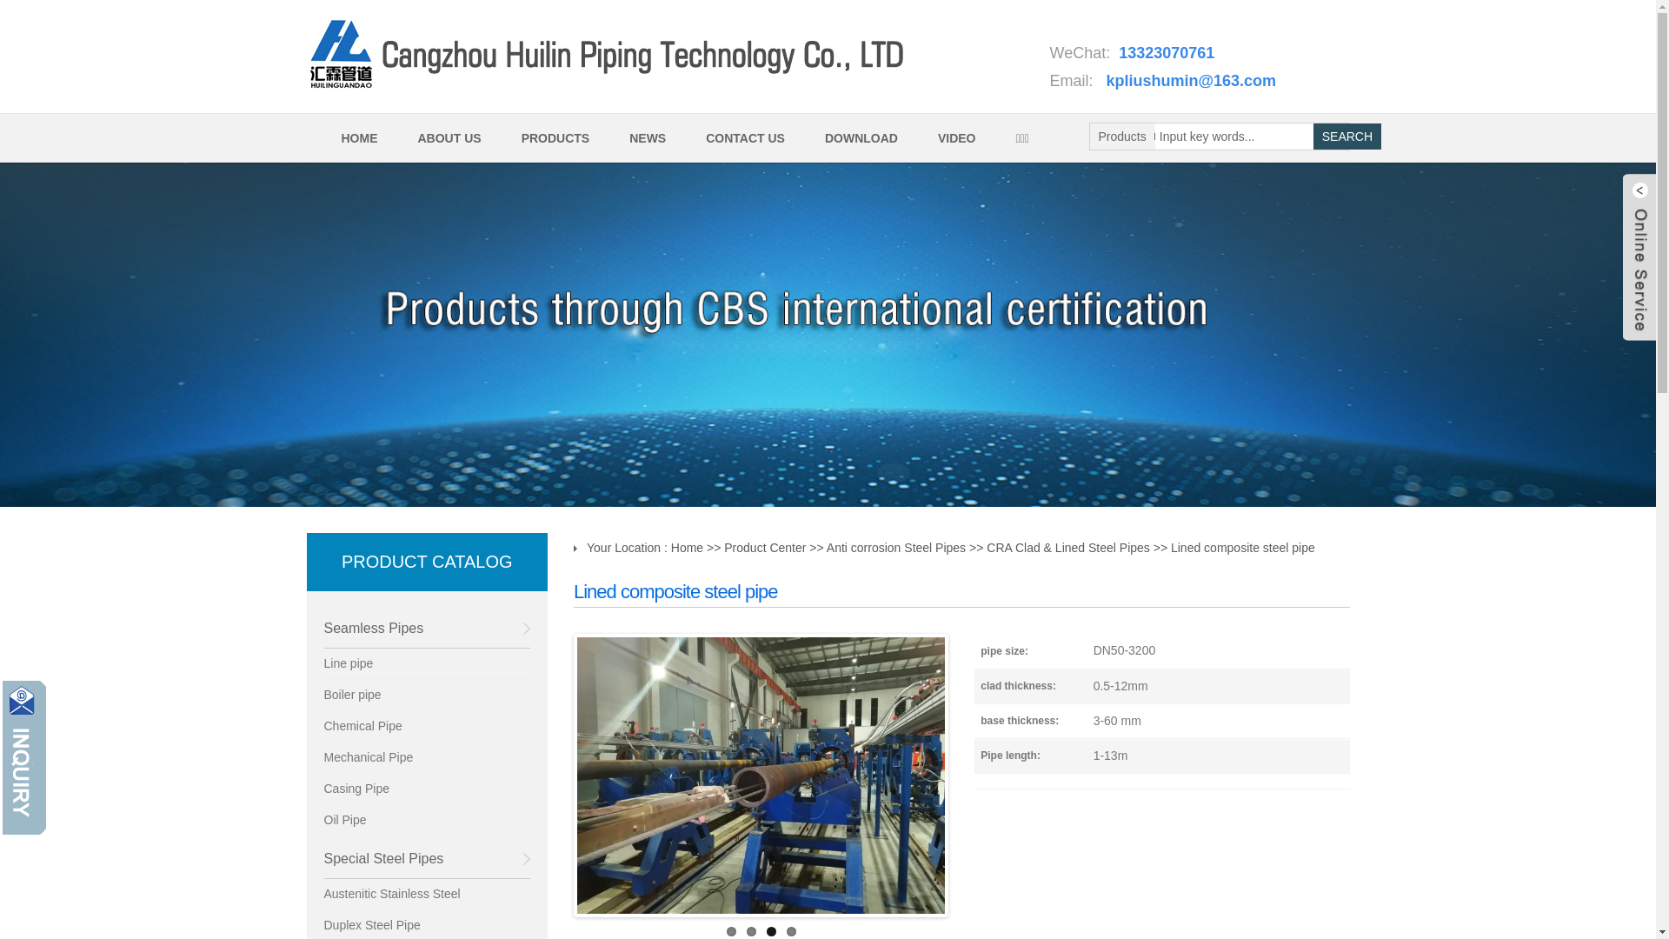 The width and height of the screenshot is (1669, 939). I want to click on 'Home', so click(686, 546).